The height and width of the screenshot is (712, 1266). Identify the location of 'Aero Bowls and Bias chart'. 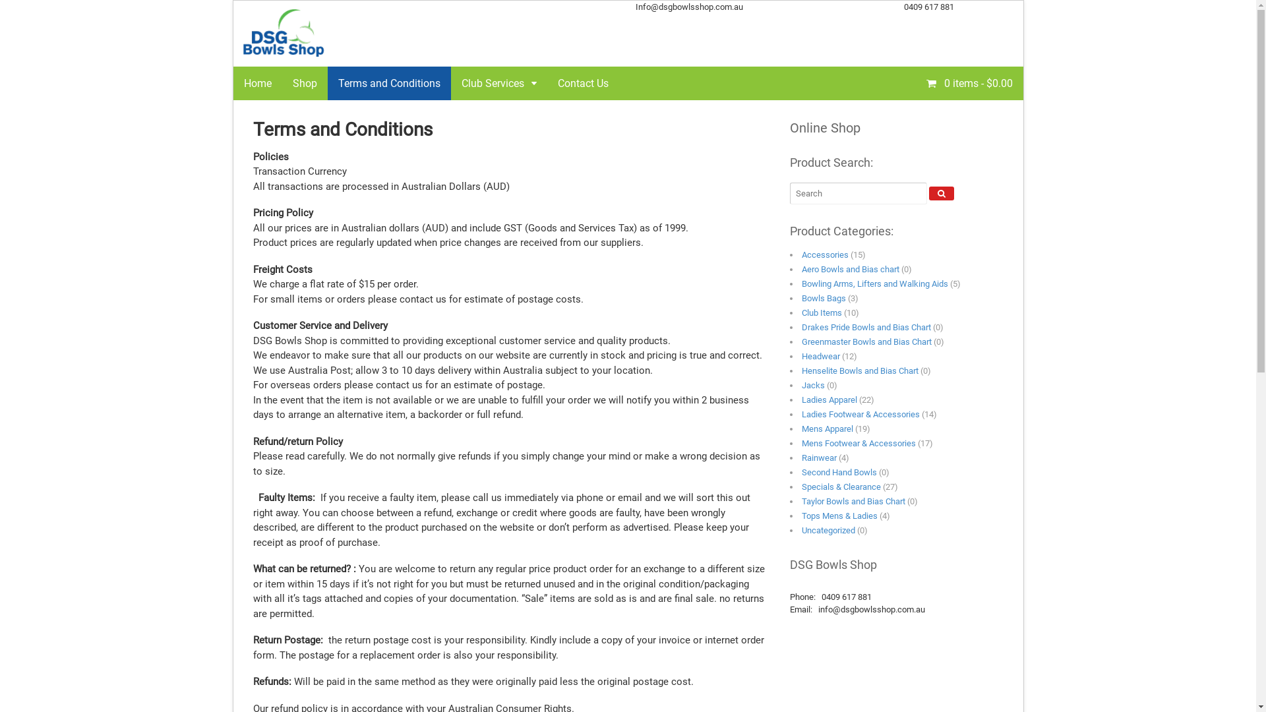
(851, 268).